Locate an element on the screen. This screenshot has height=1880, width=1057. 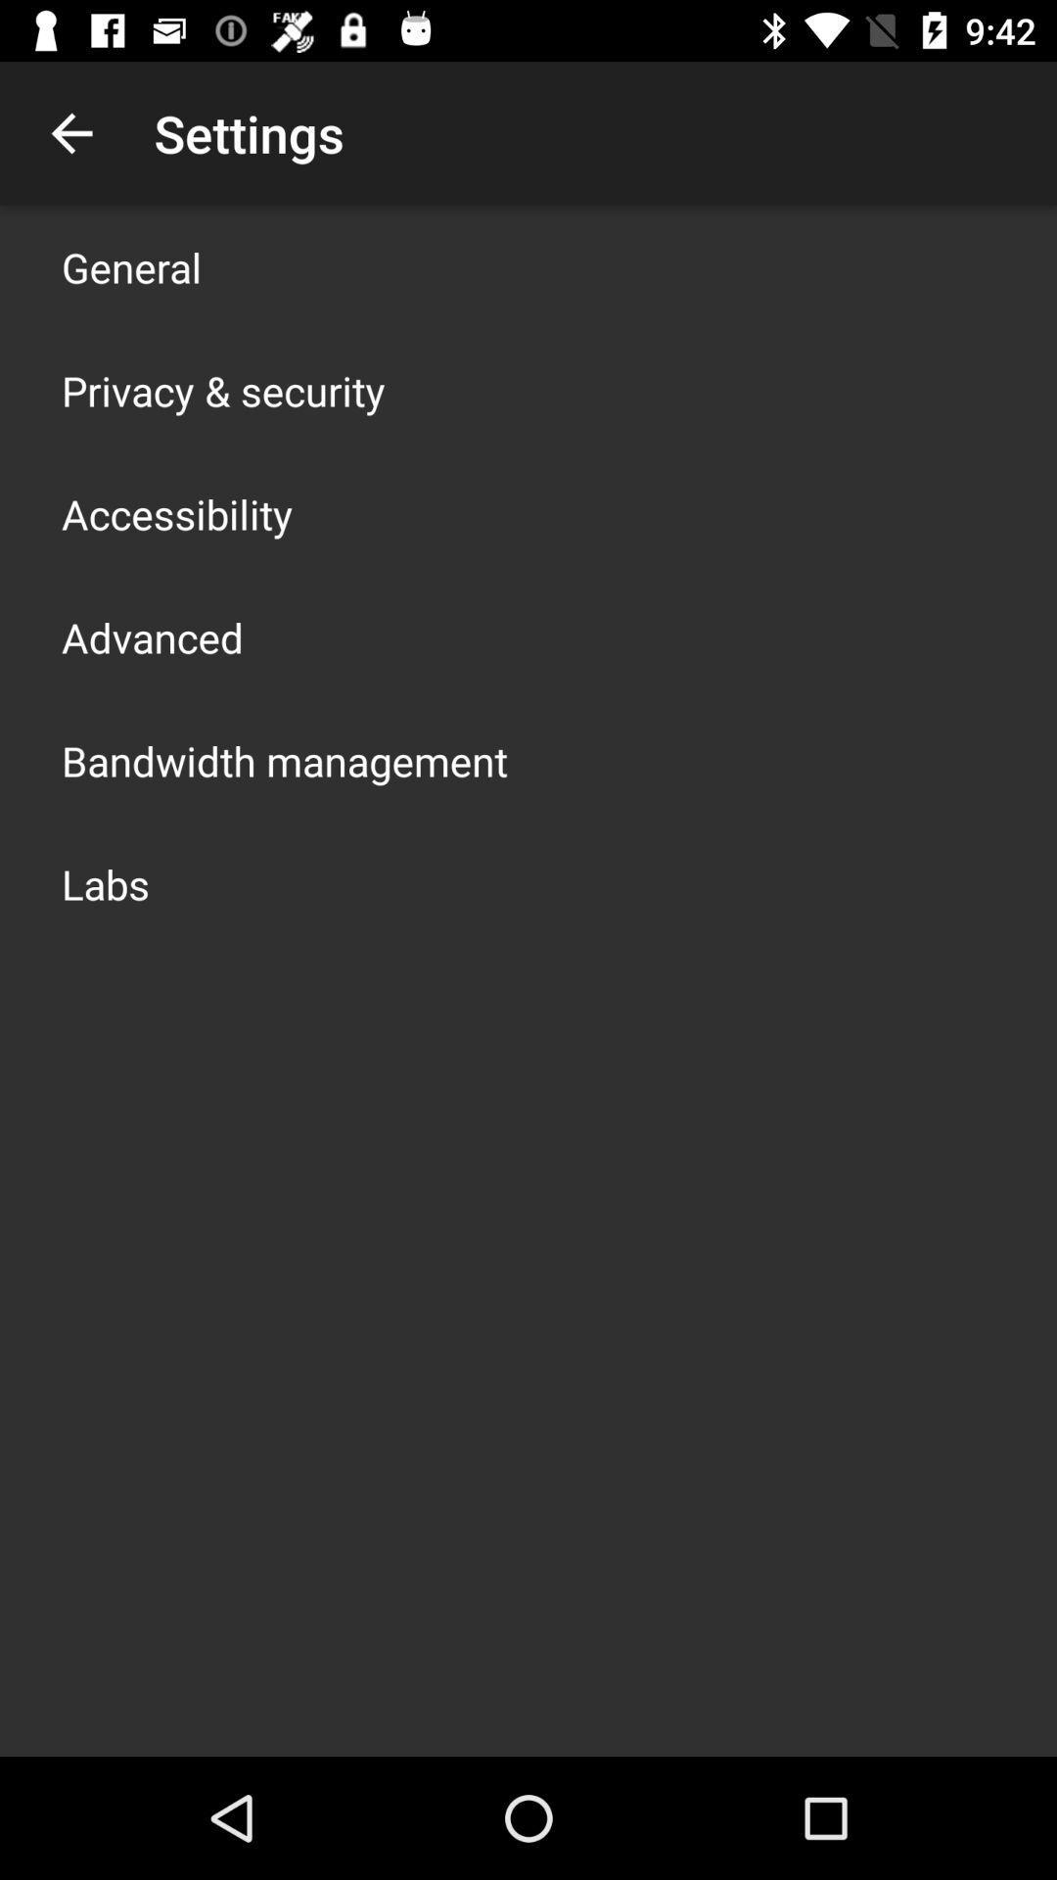
the labs item is located at coordinates (106, 882).